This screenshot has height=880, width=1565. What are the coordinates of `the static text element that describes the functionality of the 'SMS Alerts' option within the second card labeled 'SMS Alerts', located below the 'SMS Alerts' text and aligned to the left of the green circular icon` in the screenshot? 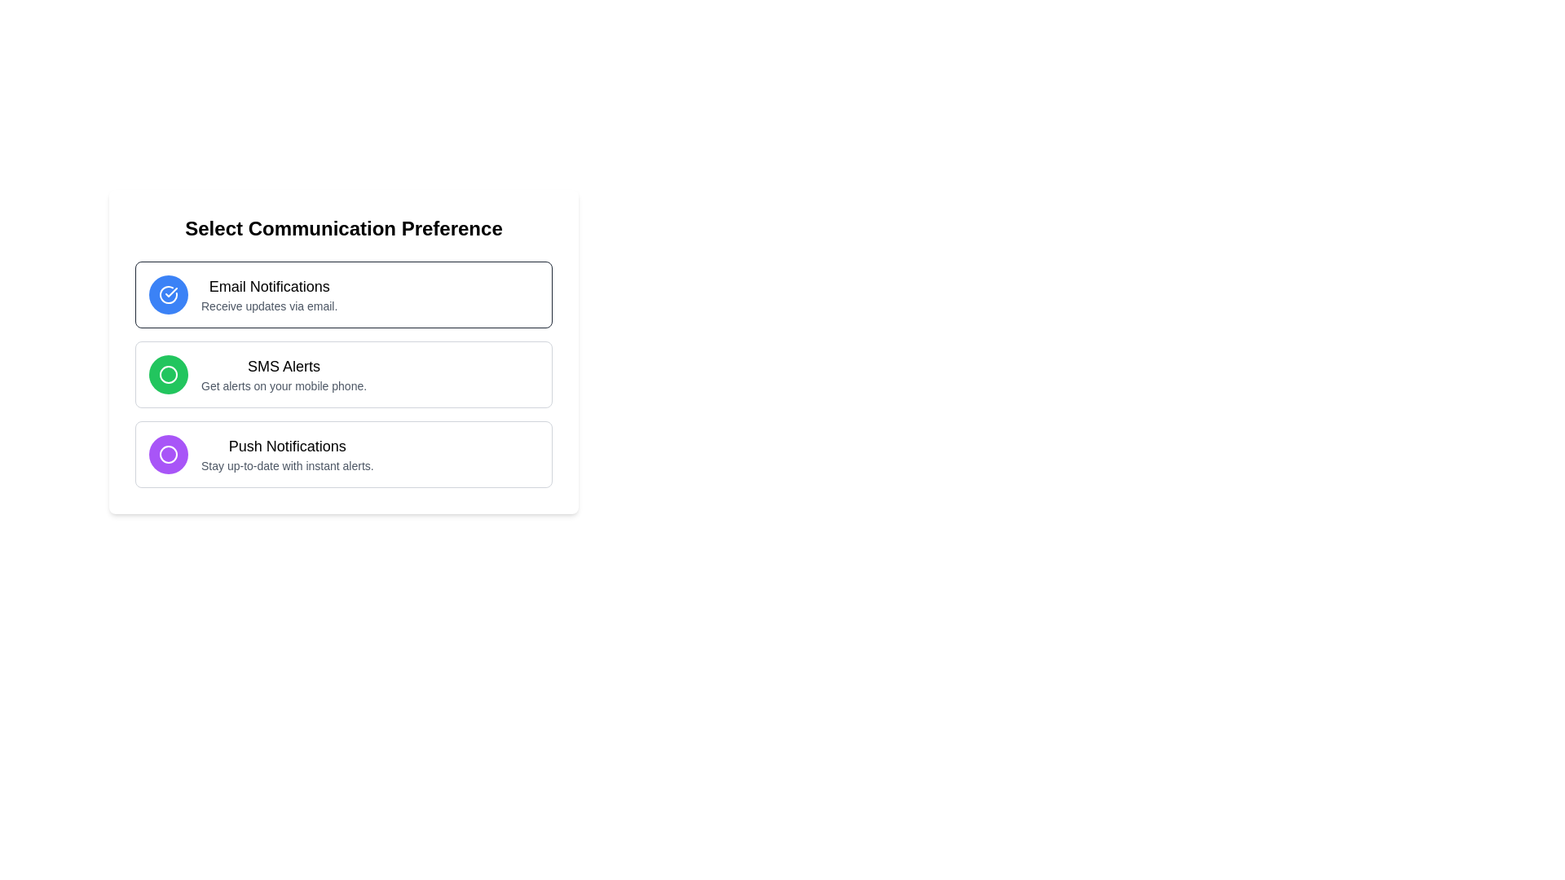 It's located at (284, 386).